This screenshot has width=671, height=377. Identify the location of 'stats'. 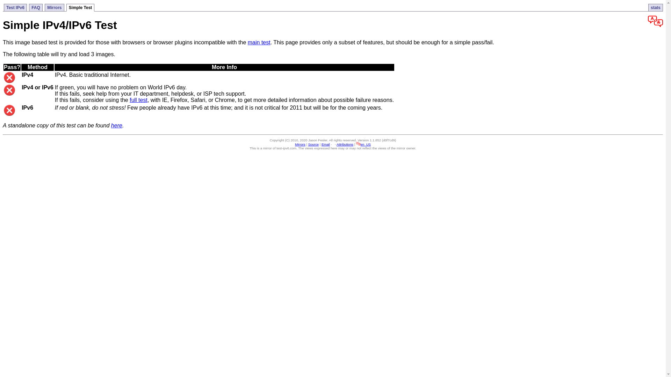
(655, 7).